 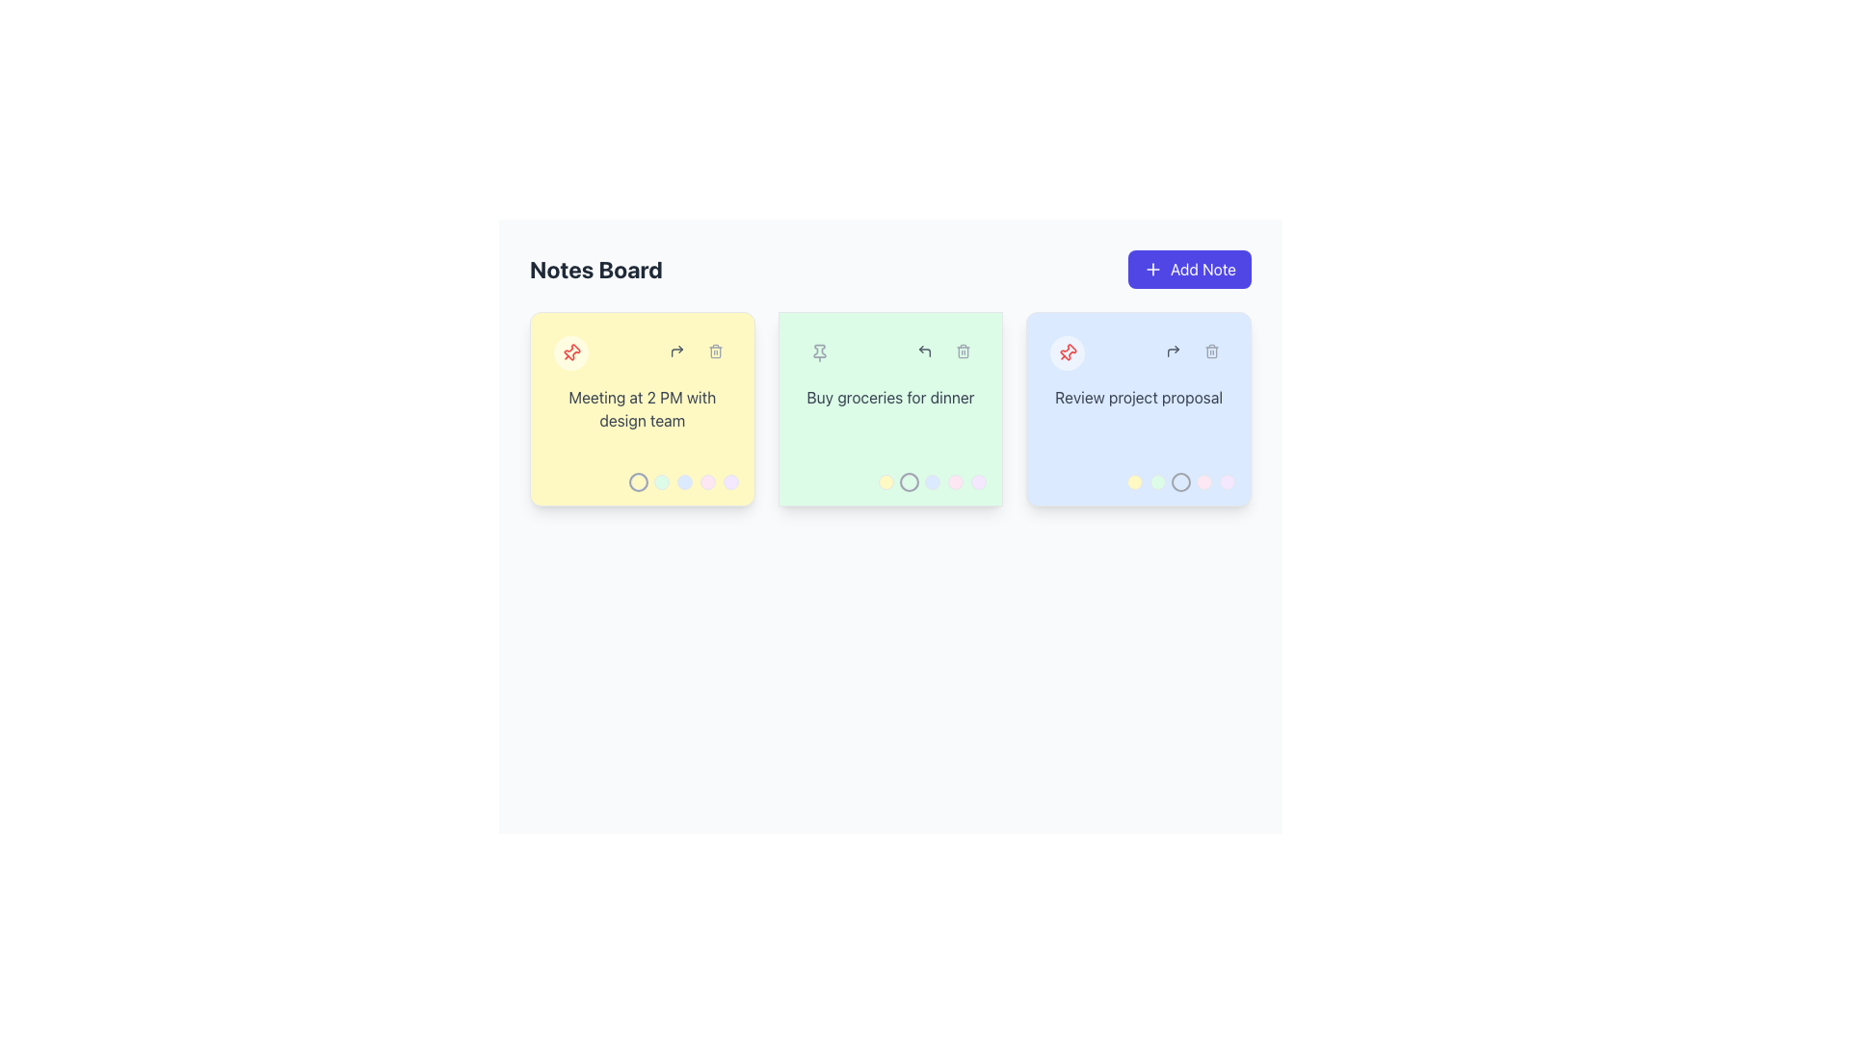 What do you see at coordinates (684, 481) in the screenshot?
I see `the third circular light blue button with a gray border located at the bottom-right corner of the yellow card containing the text 'Meeting at 2 PM with design team'` at bounding box center [684, 481].